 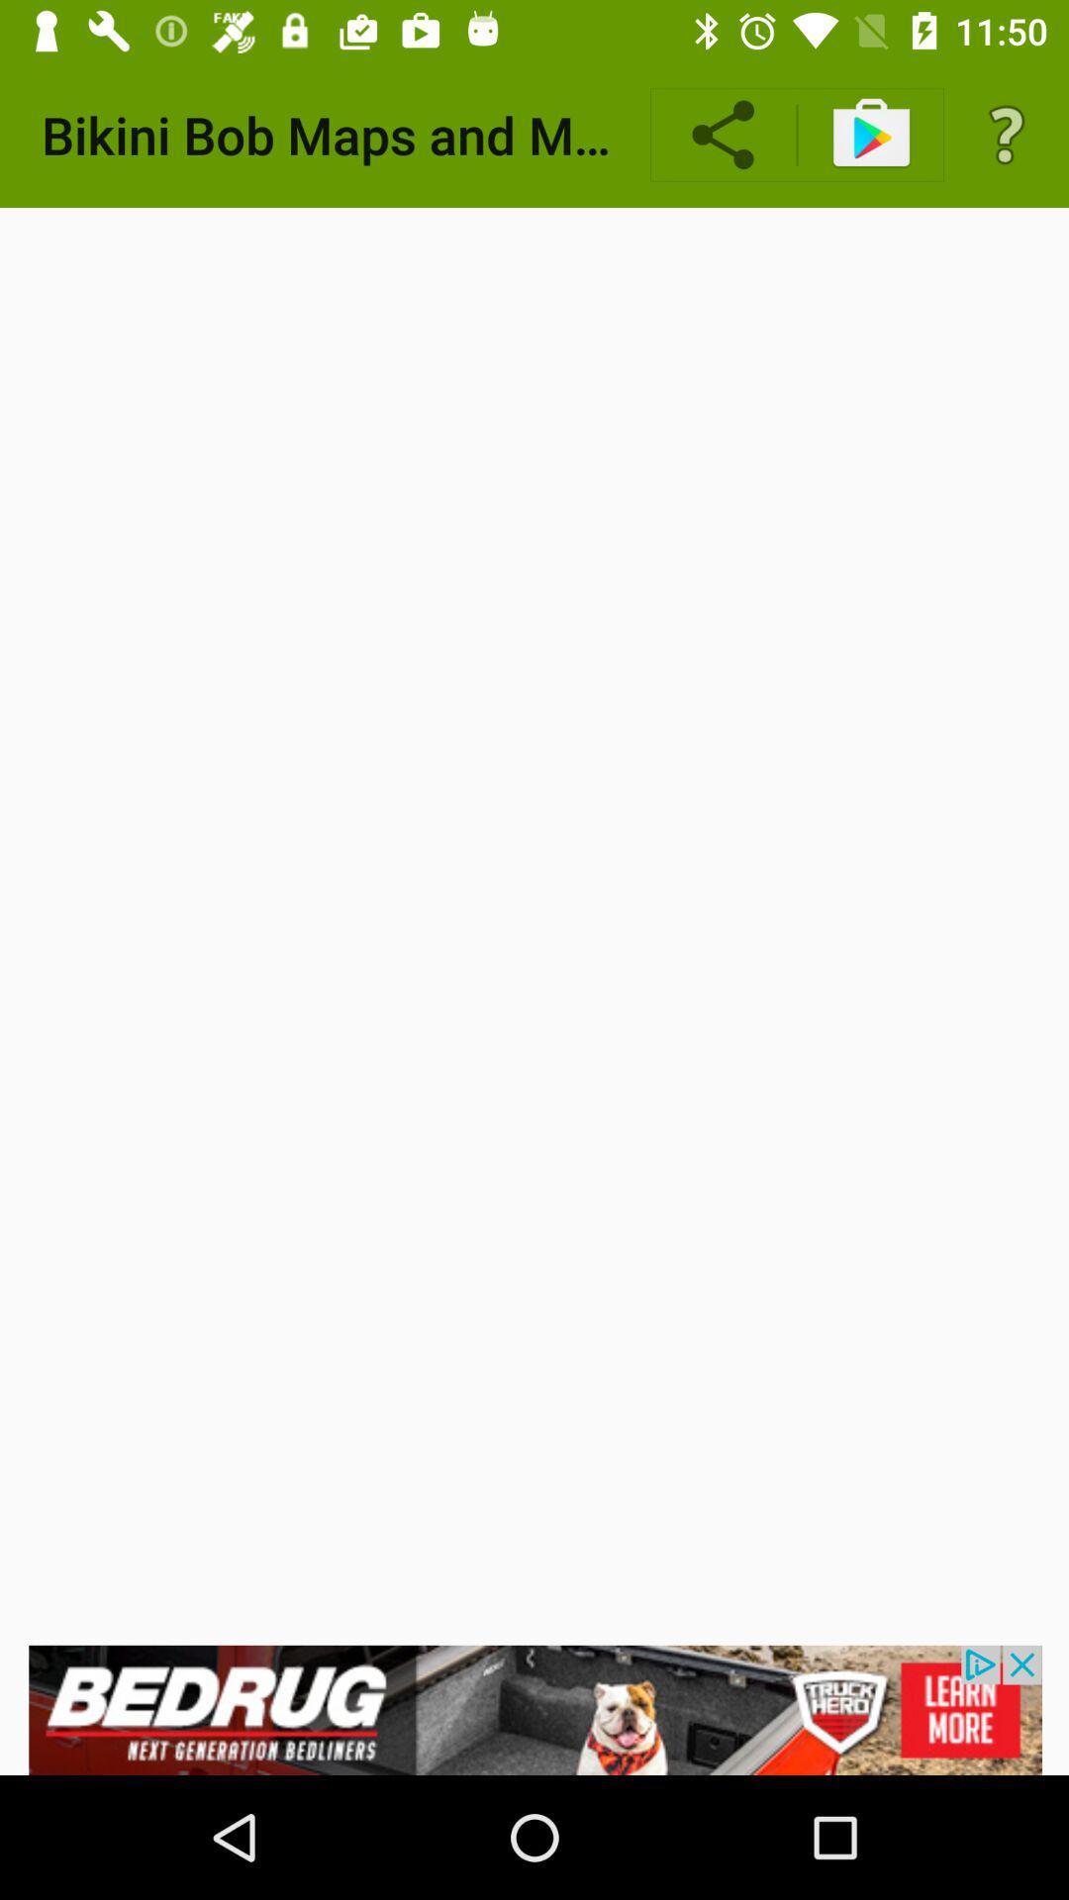 What do you see at coordinates (534, 1709) in the screenshot?
I see `blink advertisement` at bounding box center [534, 1709].